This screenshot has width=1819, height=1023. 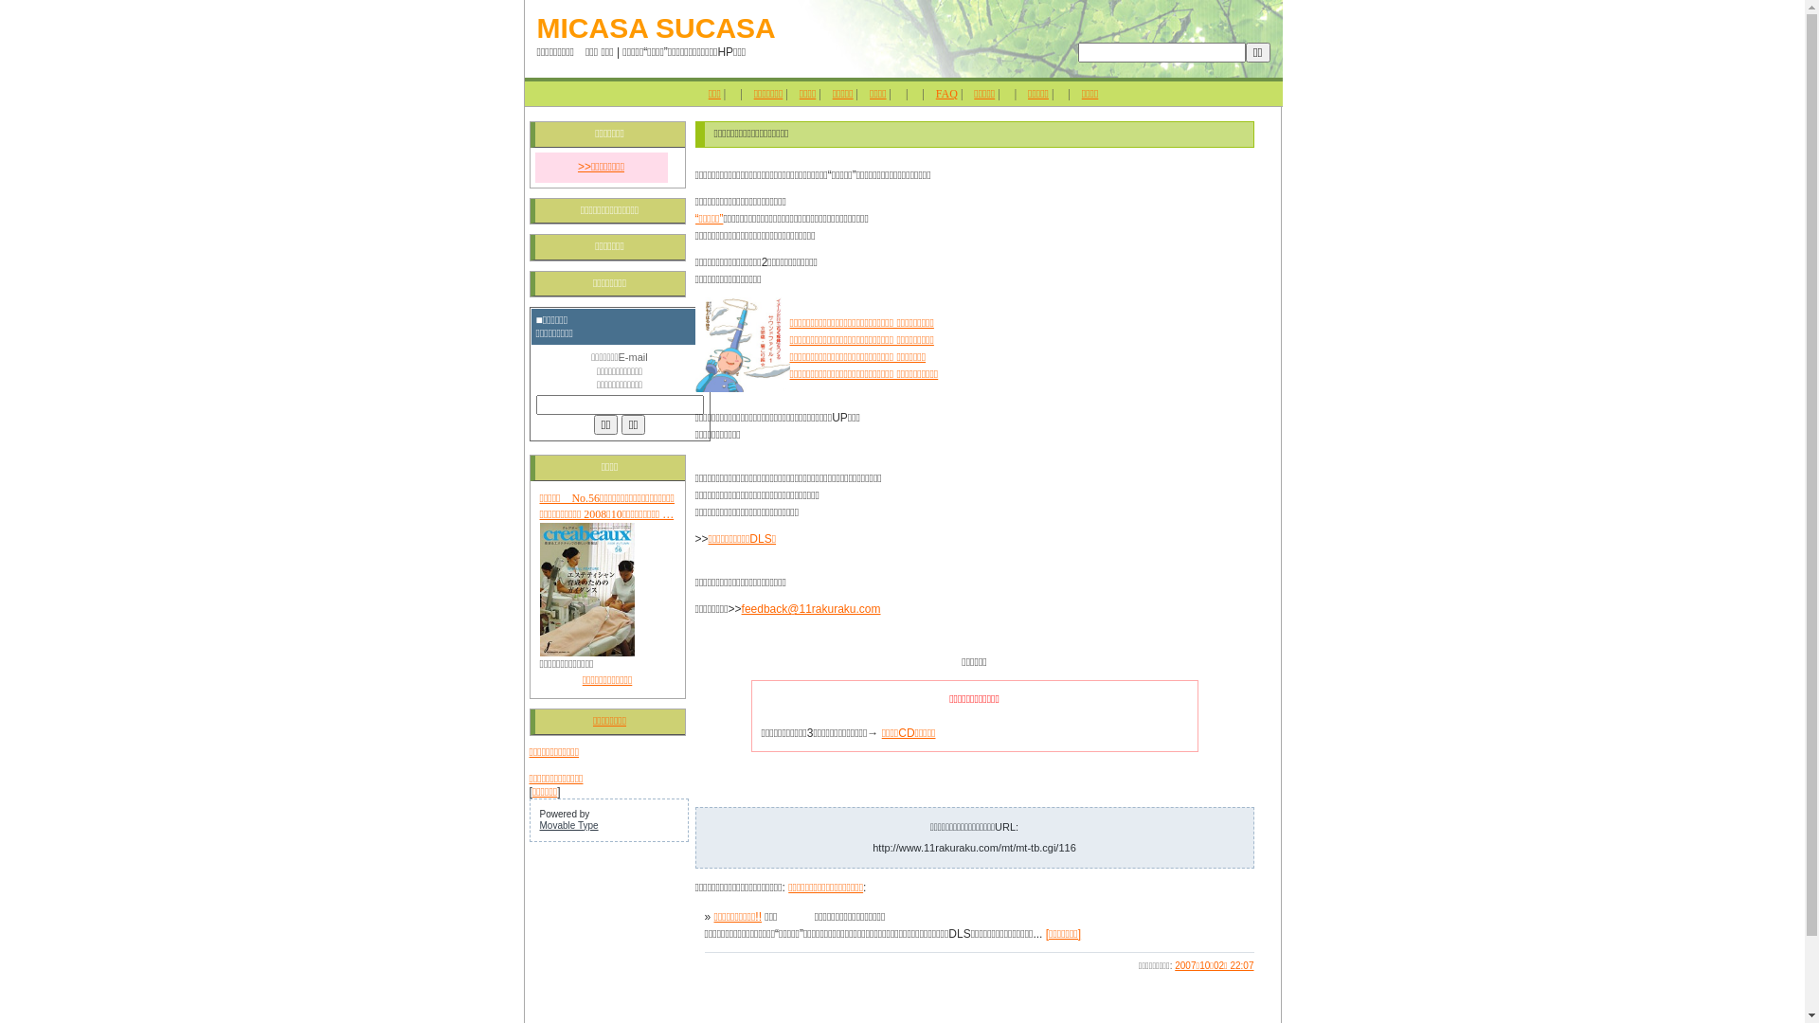 I want to click on 'Movable Type', so click(x=567, y=824).